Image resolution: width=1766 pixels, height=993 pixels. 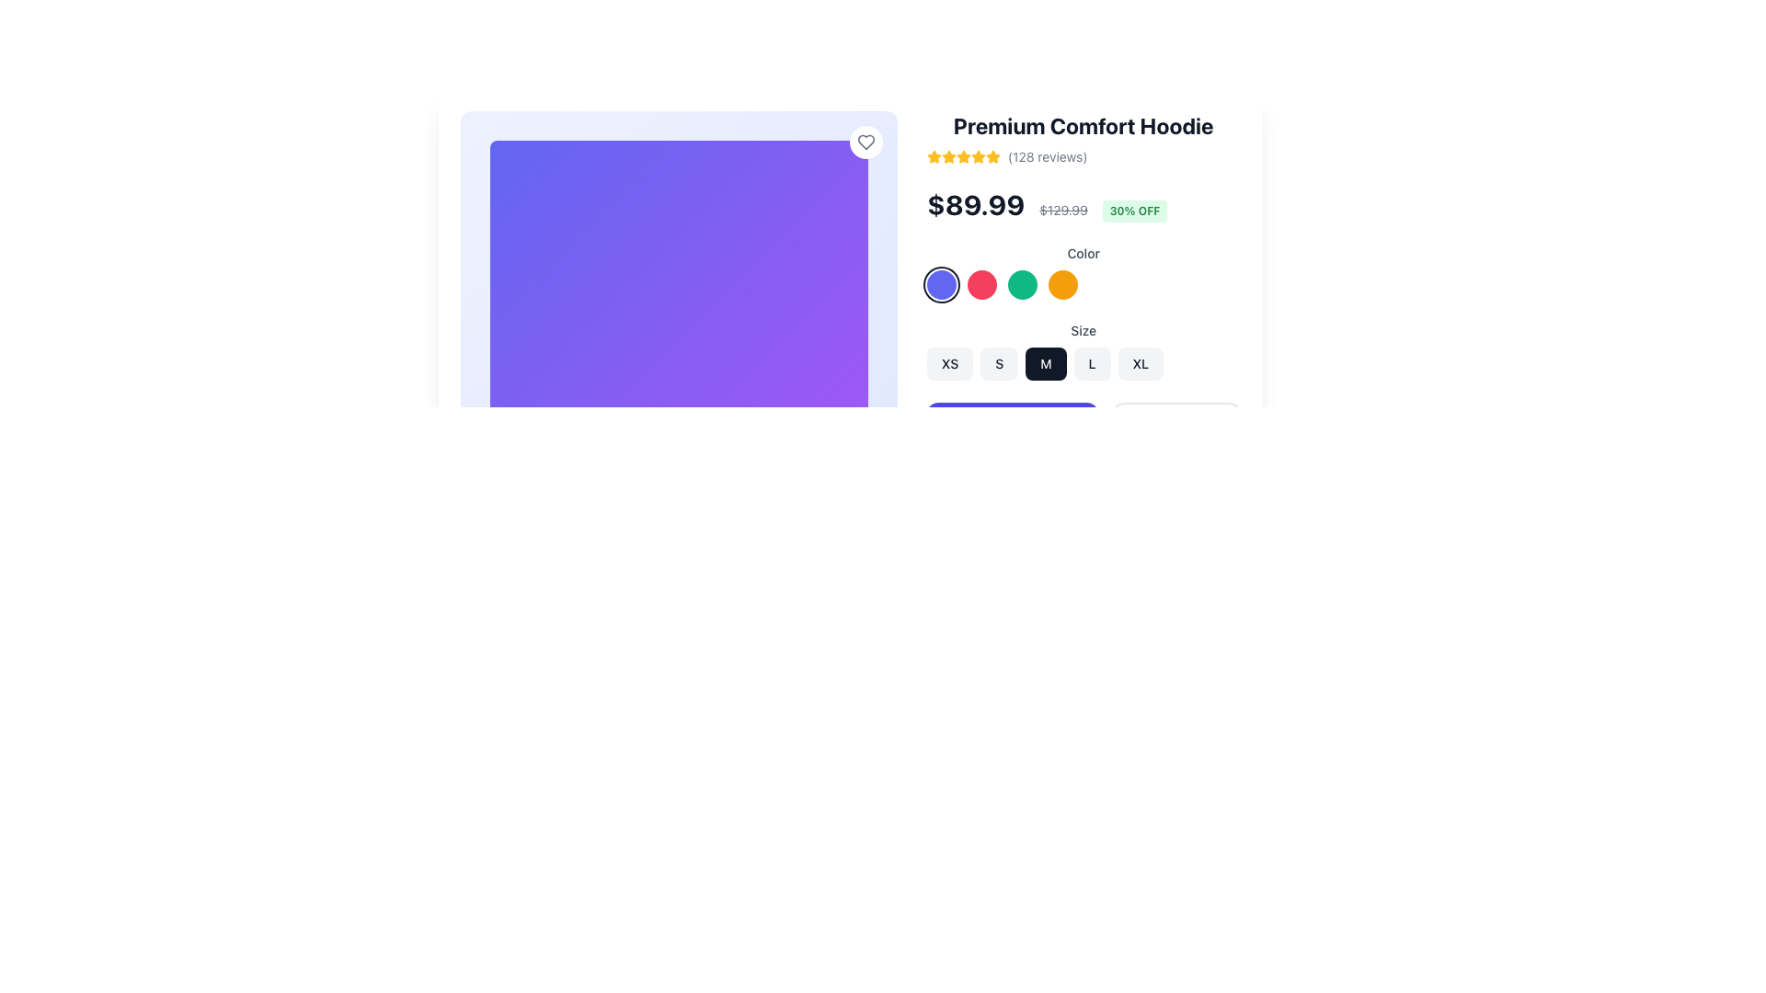 I want to click on the first star icon used for ratings, which is filled with an amber-yellow color, located under the heading 'Premium Comfort Hoodie', so click(x=934, y=155).